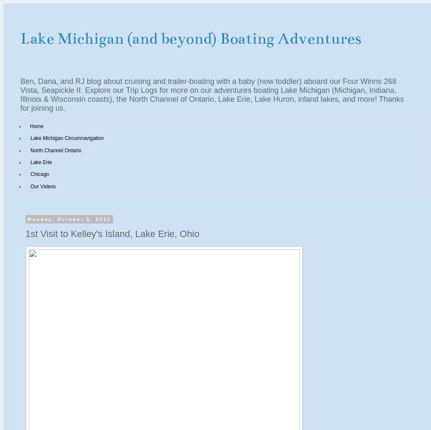 The height and width of the screenshot is (430, 431). I want to click on 'Chicago', so click(39, 173).